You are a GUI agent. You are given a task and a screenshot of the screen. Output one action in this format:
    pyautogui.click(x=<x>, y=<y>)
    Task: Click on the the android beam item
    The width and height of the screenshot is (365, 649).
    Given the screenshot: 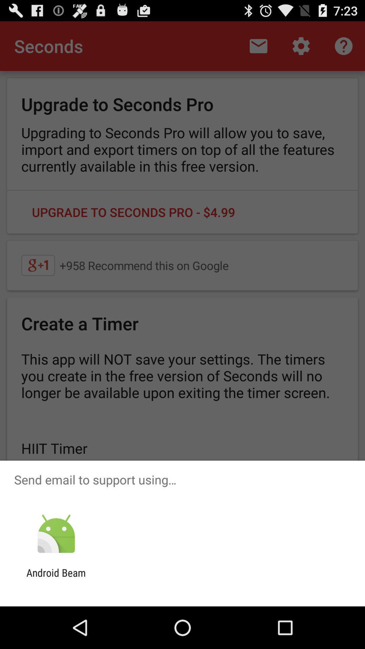 What is the action you would take?
    pyautogui.click(x=56, y=578)
    